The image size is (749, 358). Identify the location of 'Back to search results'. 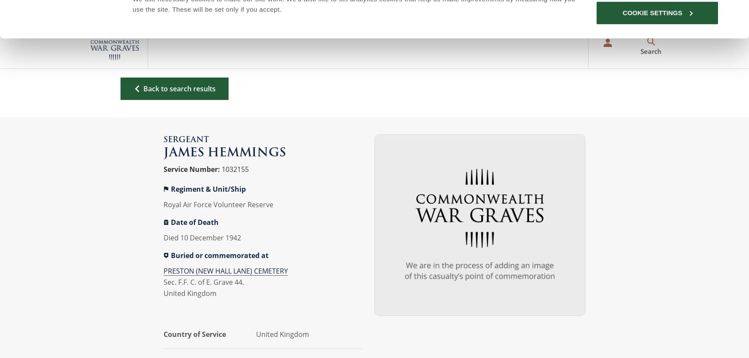
(180, 89).